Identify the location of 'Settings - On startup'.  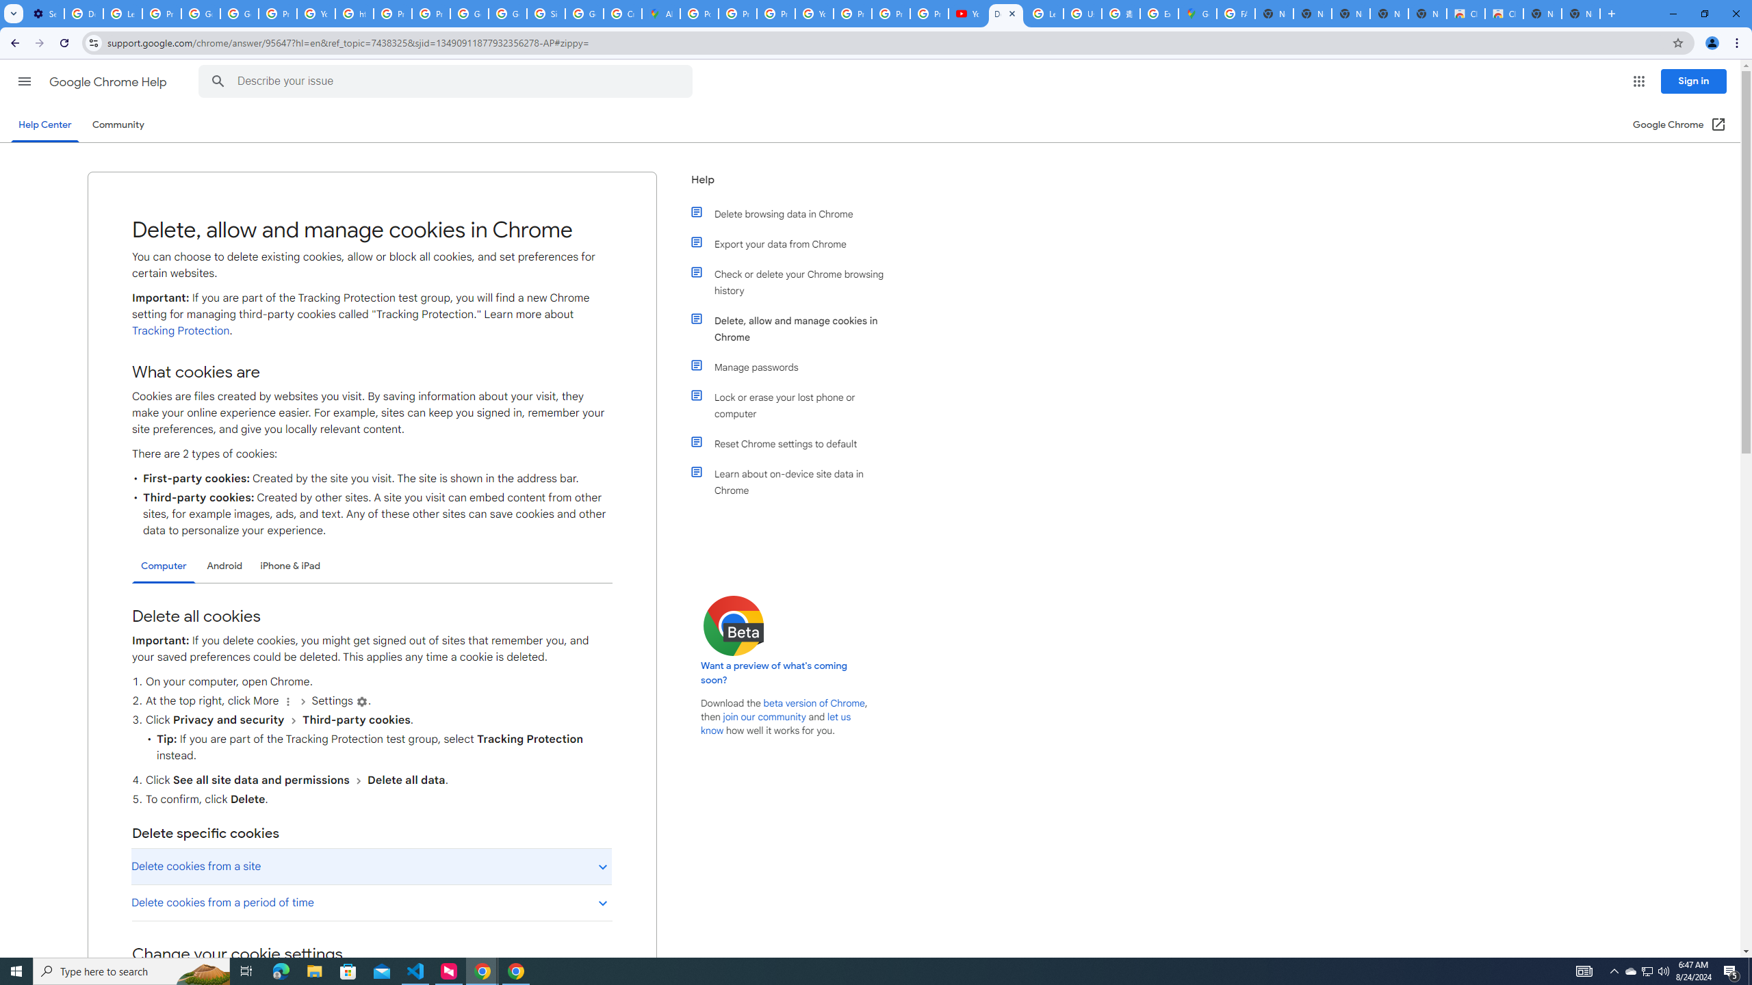
(44, 13).